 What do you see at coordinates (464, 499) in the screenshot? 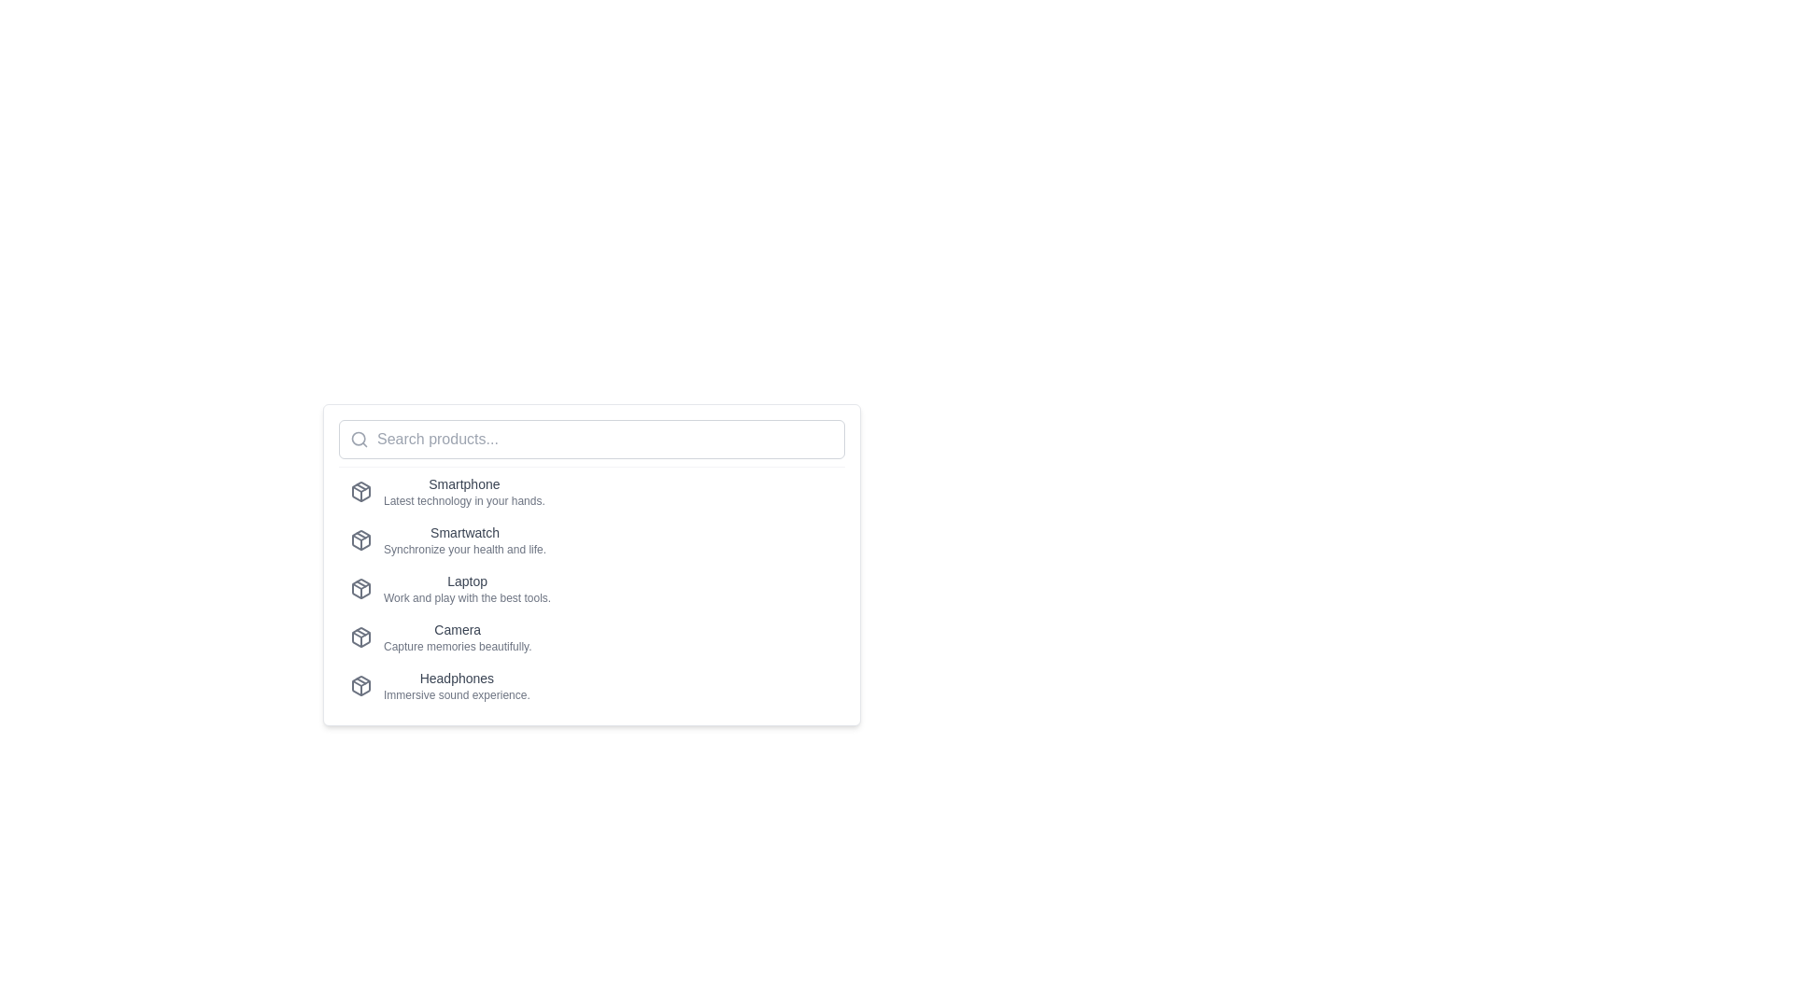
I see `the text label displaying 'Latest technology in your hands.' which is located below the bold text 'Smartphone.'` at bounding box center [464, 499].